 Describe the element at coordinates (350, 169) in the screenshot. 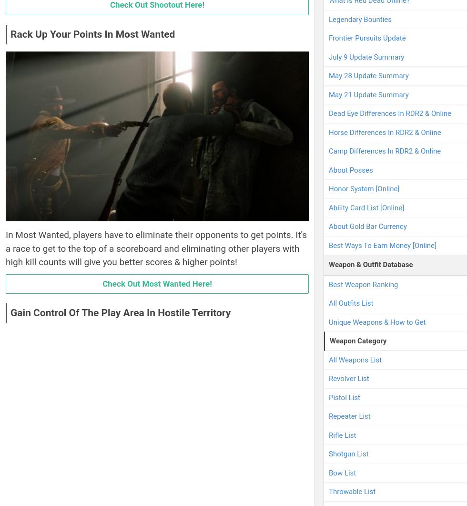

I see `'About Posses'` at that location.